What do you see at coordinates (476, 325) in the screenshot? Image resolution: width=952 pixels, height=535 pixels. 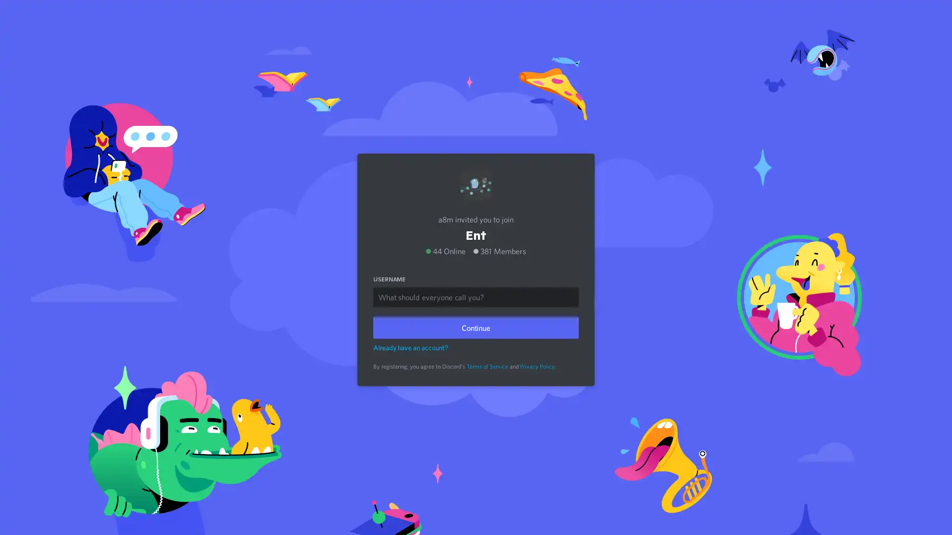 I see `Continue` at bounding box center [476, 325].